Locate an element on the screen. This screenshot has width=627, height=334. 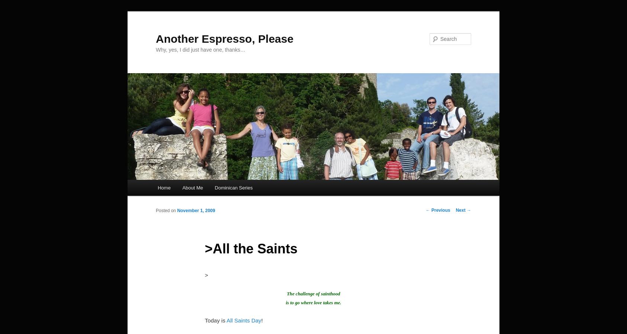
'All Saints Day' is located at coordinates (243, 320).